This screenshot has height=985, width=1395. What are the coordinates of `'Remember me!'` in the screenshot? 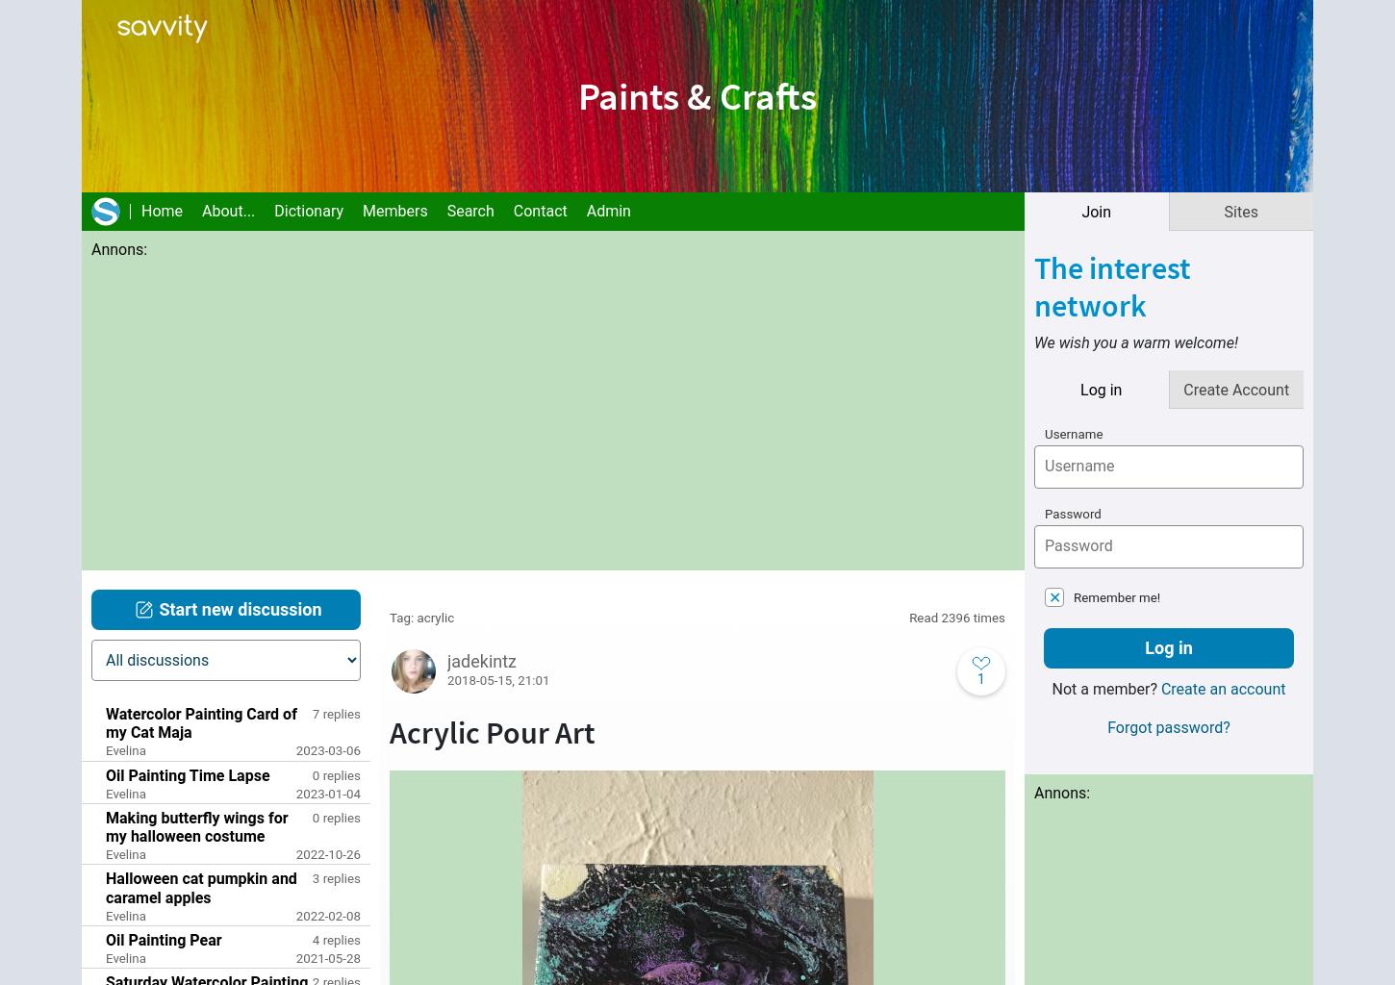 It's located at (1073, 597).